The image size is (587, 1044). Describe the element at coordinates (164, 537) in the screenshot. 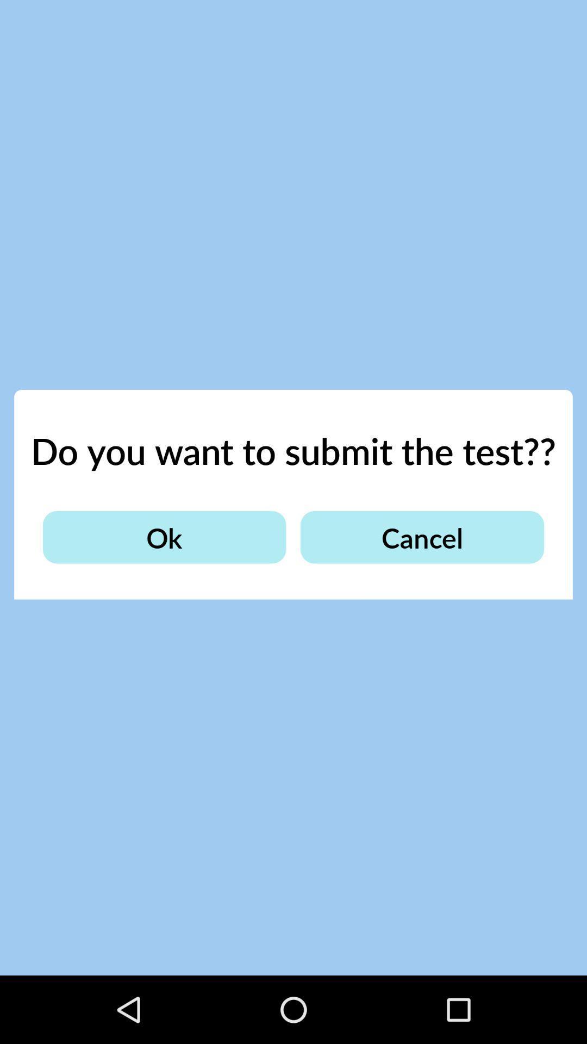

I see `ok` at that location.